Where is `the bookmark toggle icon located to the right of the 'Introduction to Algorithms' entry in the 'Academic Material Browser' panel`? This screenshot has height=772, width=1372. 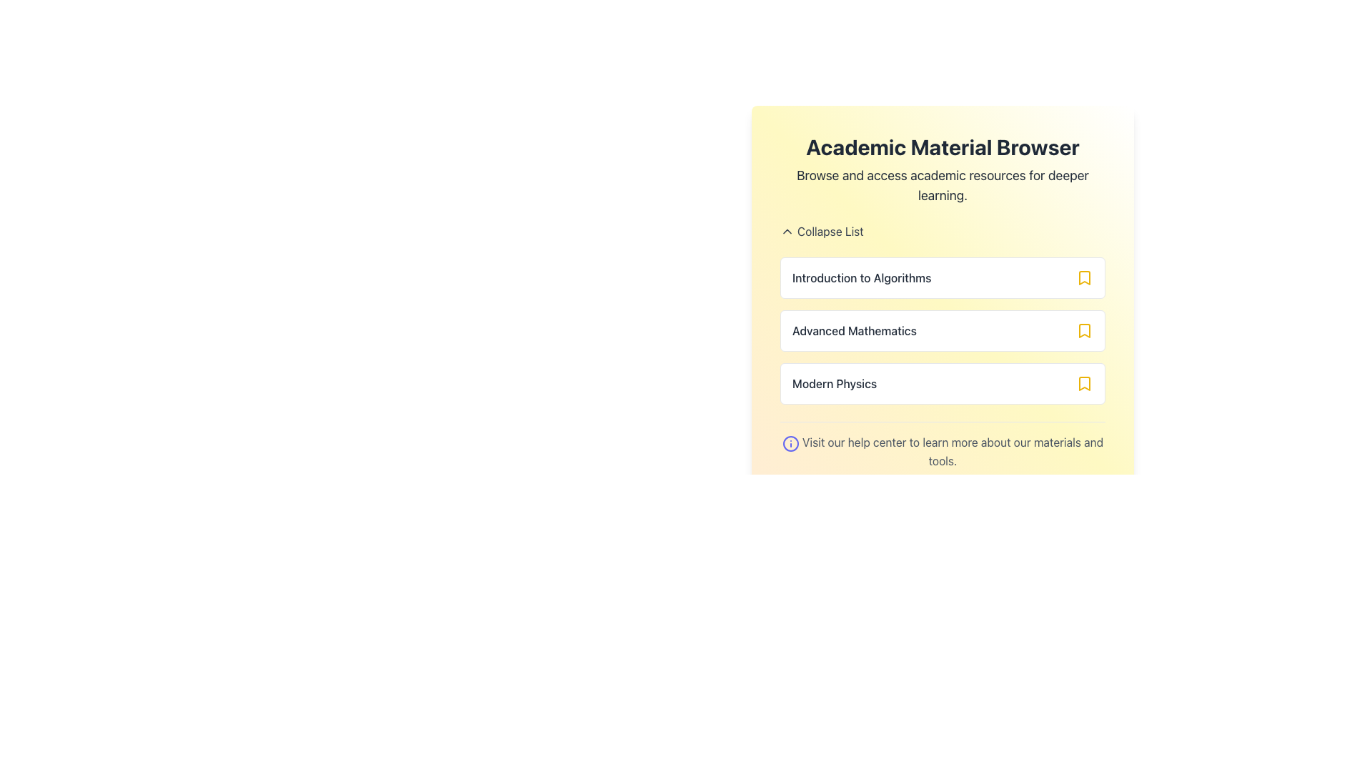 the bookmark toggle icon located to the right of the 'Introduction to Algorithms' entry in the 'Academic Material Browser' panel is located at coordinates (1084, 278).